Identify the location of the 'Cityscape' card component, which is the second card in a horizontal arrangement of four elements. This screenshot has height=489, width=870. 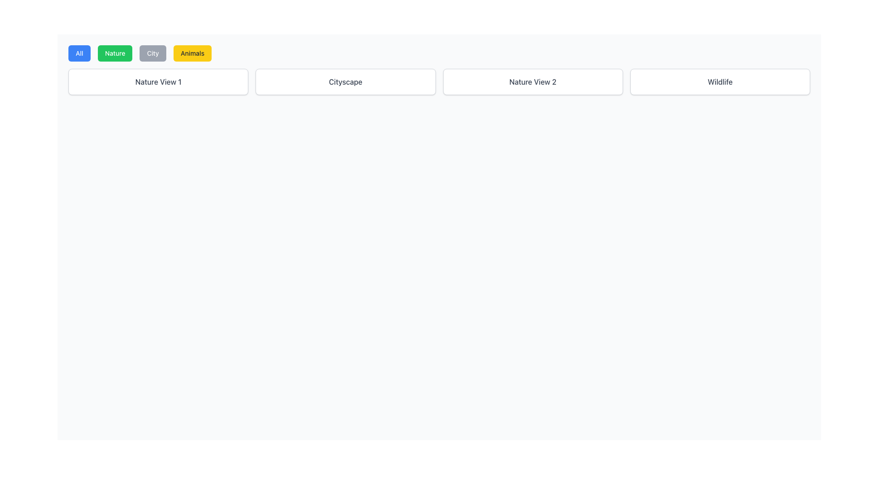
(345, 82).